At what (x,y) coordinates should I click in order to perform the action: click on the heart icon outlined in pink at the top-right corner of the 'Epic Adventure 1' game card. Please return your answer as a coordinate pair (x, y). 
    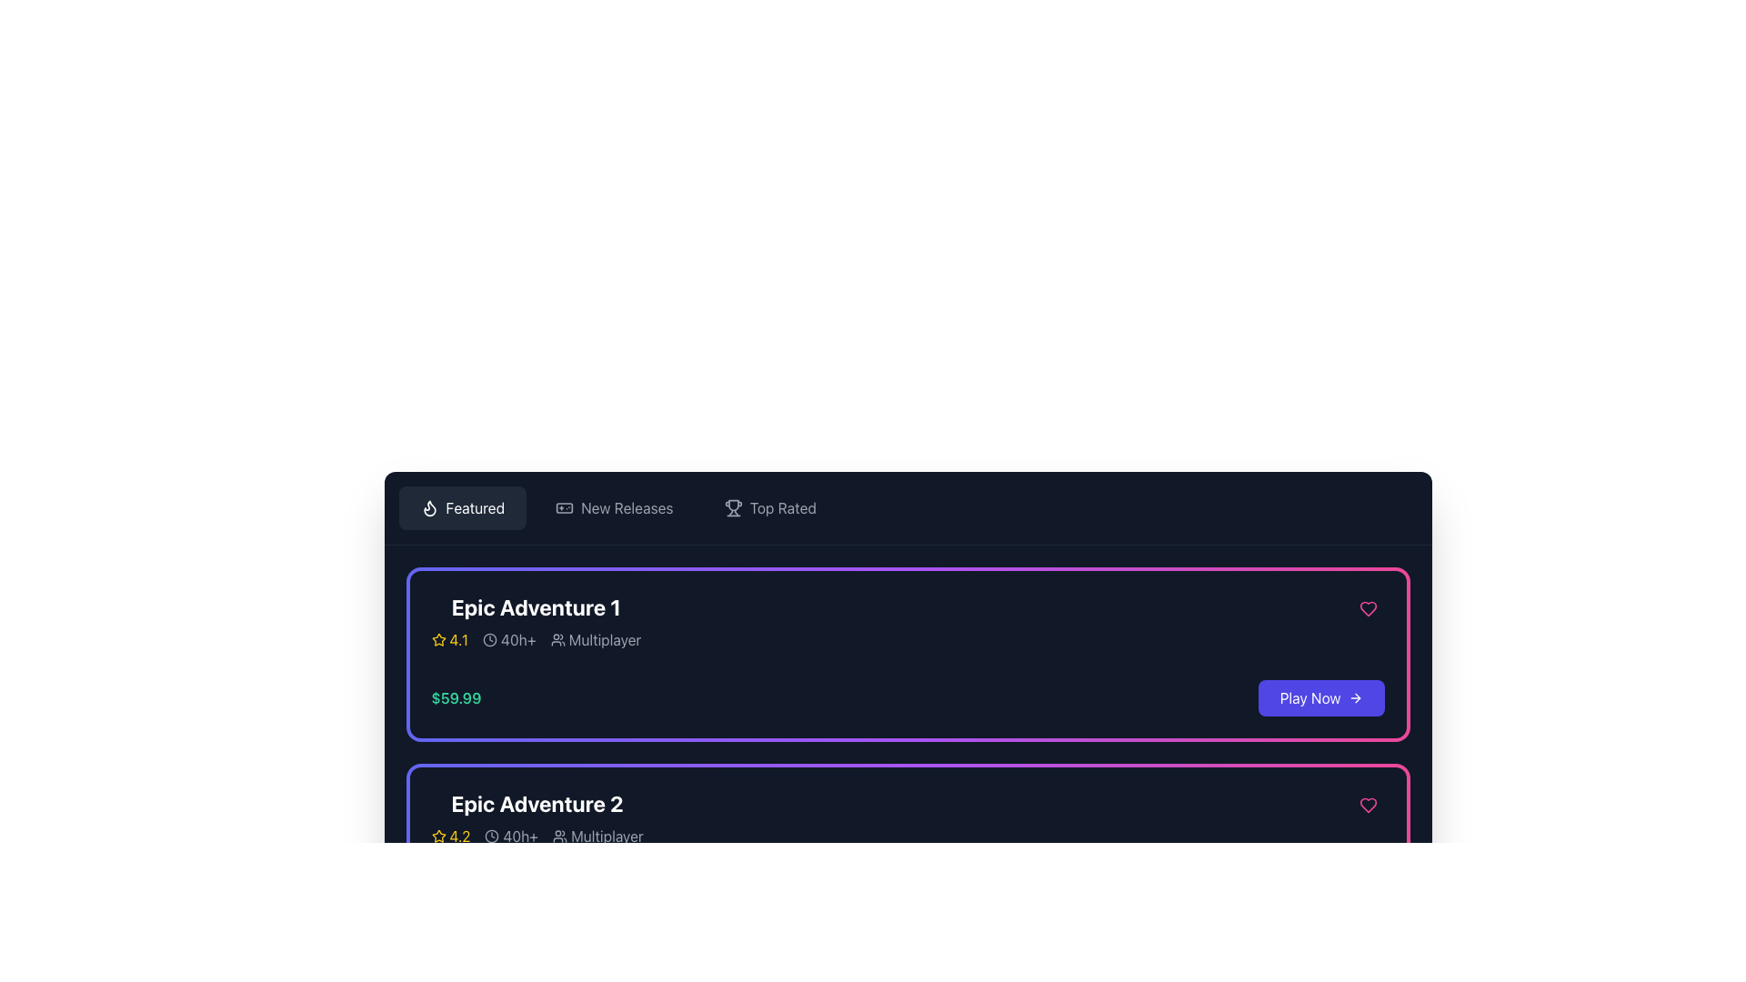
    Looking at the image, I should click on (1368, 609).